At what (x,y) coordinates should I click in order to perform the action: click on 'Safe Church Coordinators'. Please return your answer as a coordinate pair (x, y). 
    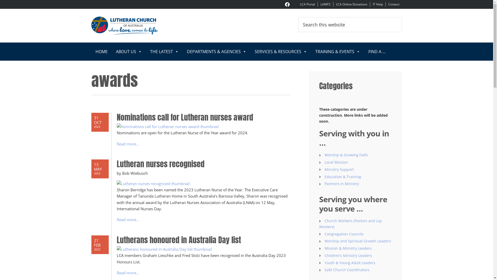
    Looking at the image, I should click on (347, 269).